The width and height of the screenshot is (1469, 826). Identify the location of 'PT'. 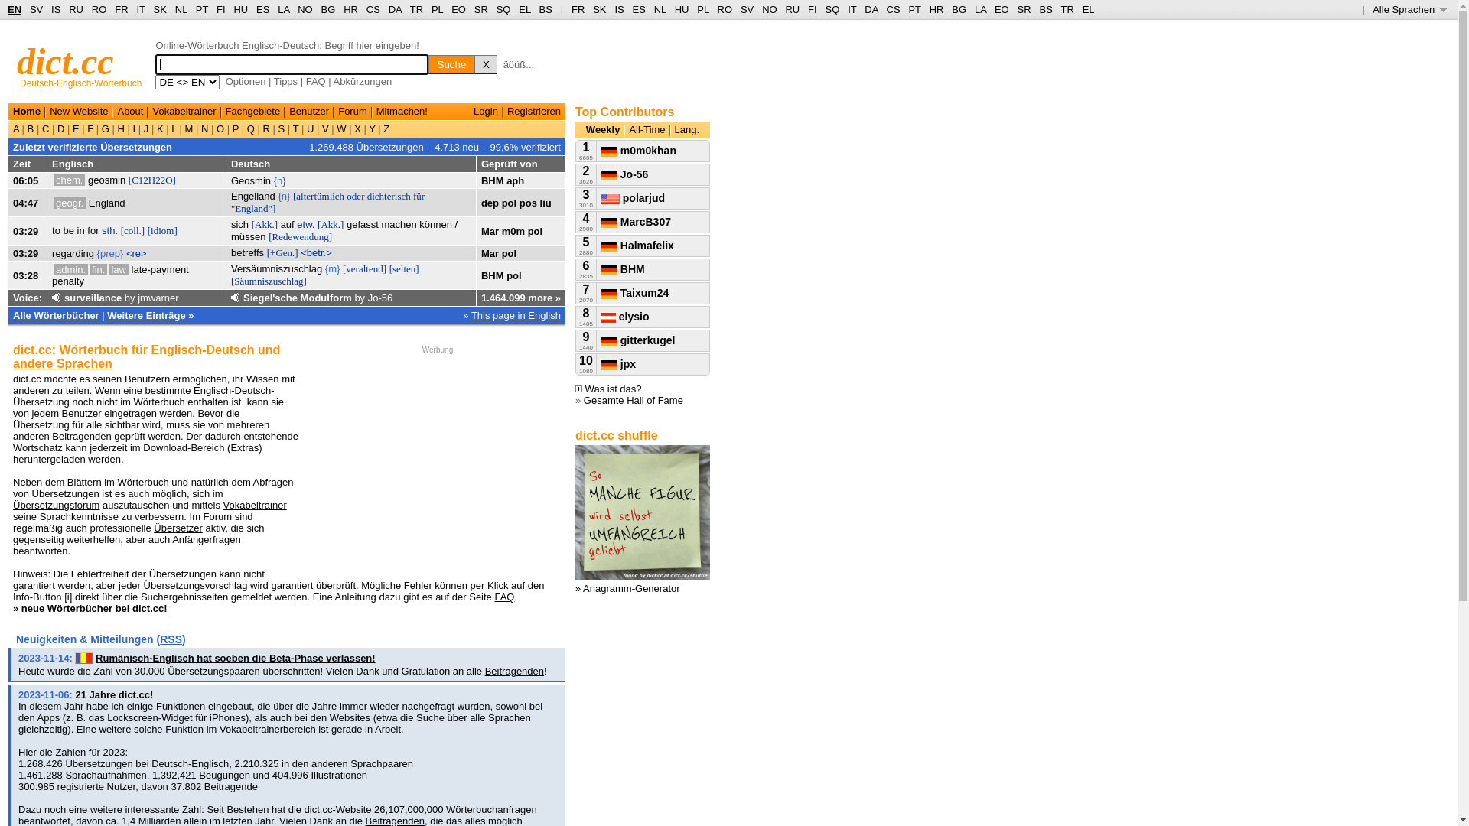
(201, 9).